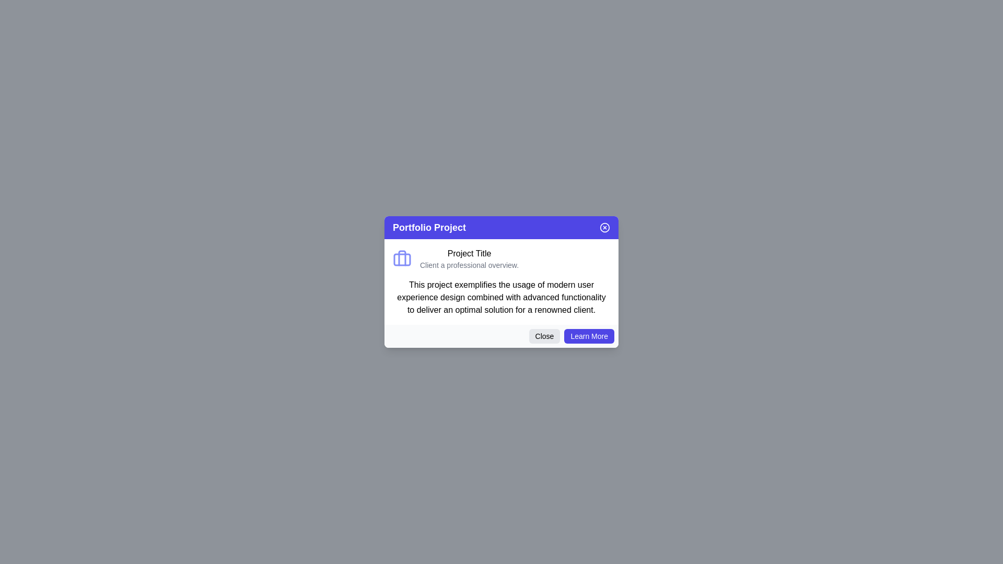  I want to click on the close button located in the bottom-right section of the centered modal dialog, so click(544, 336).